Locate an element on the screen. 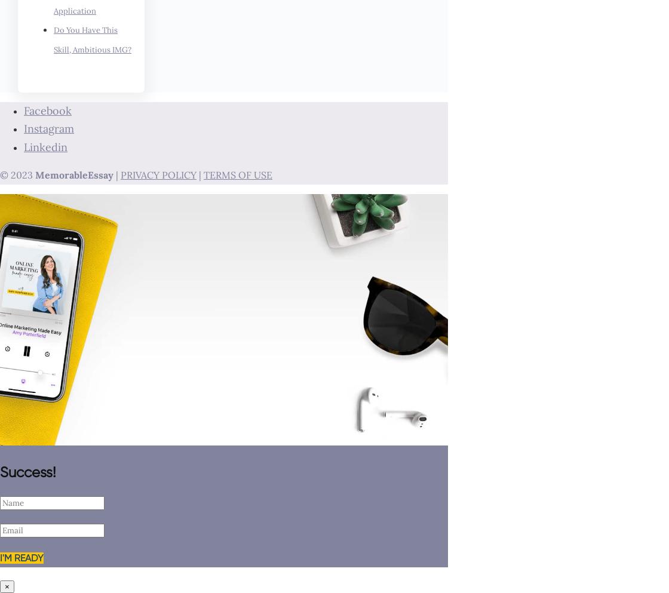 This screenshot has height=593, width=669. 'Do You Have This Skill, Ambitious IMG?' is located at coordinates (54, 39).